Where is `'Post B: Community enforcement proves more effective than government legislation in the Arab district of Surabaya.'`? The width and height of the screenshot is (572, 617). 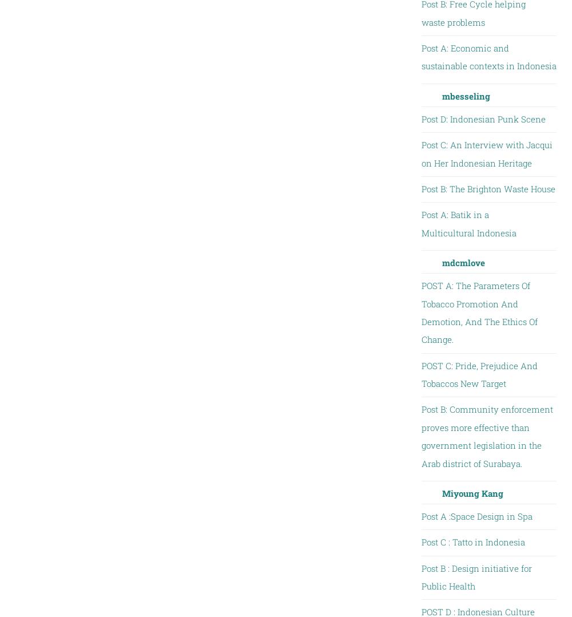 'Post B: Community enforcement proves more effective than government legislation in the Arab district of Surabaya.' is located at coordinates (486, 436).